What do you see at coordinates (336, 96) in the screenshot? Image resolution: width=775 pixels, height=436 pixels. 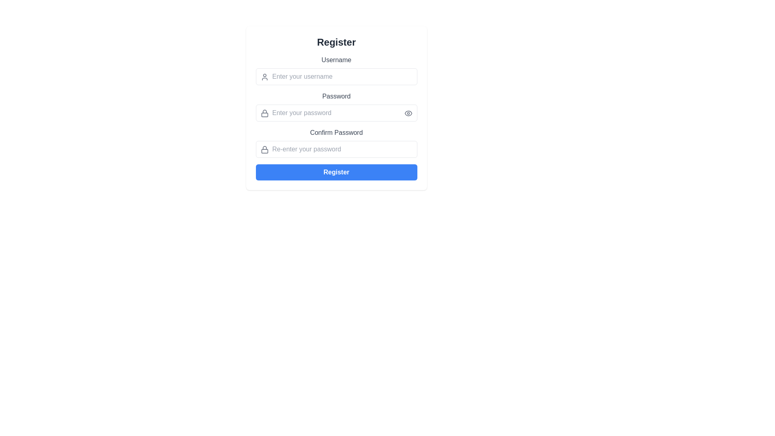 I see `the 'Password' label, which is styled in bold gray font and positioned above the password input field in the registration form` at bounding box center [336, 96].